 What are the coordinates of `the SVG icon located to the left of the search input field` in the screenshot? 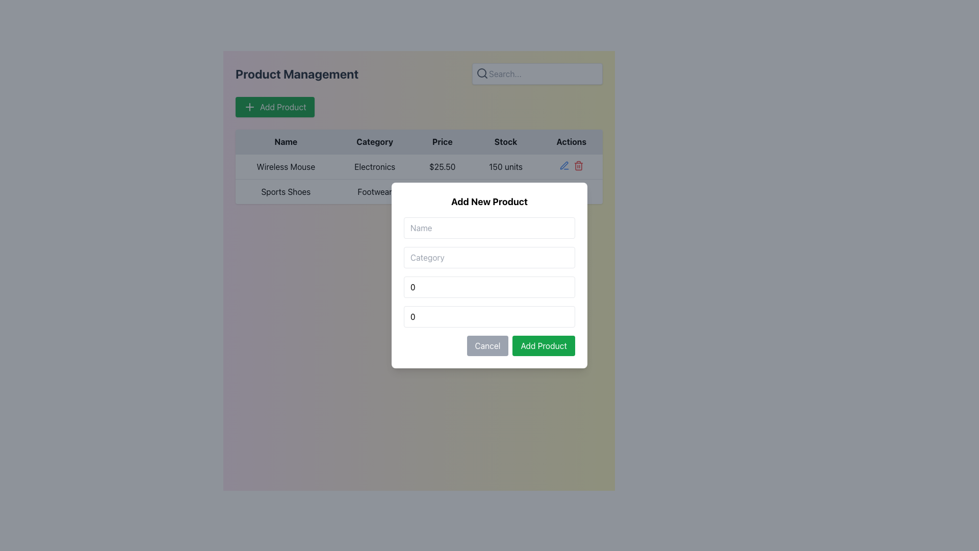 It's located at (481, 72).